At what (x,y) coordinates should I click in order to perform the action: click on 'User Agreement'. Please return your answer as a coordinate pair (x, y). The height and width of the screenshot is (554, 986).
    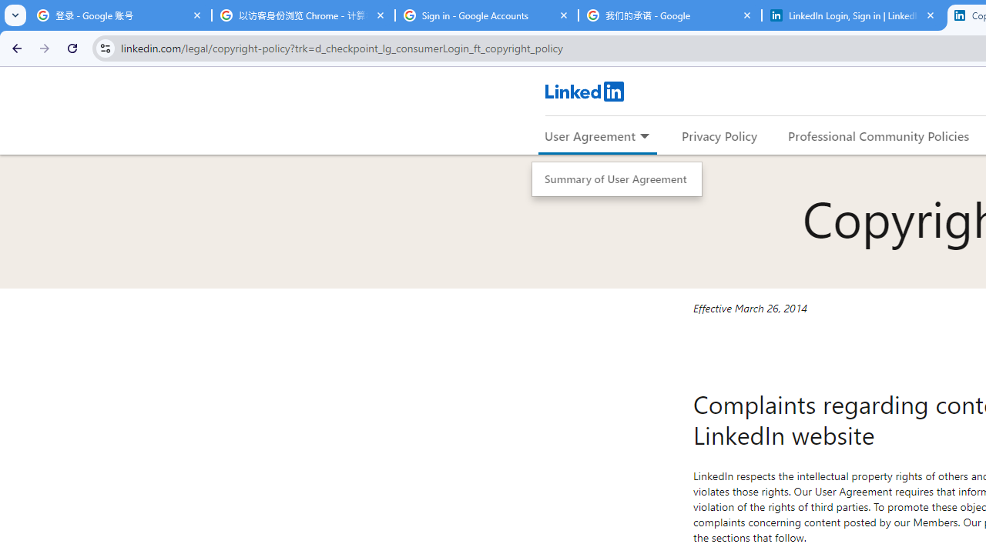
    Looking at the image, I should click on (589, 135).